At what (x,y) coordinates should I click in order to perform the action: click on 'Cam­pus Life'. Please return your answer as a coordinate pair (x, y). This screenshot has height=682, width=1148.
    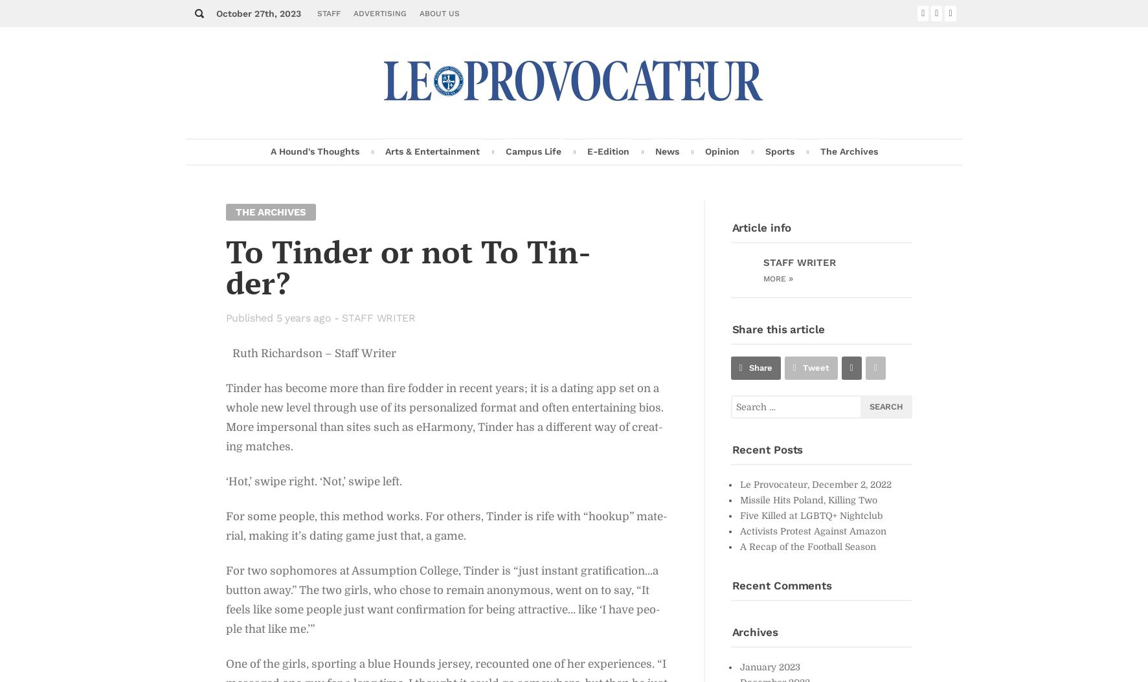
    Looking at the image, I should click on (532, 151).